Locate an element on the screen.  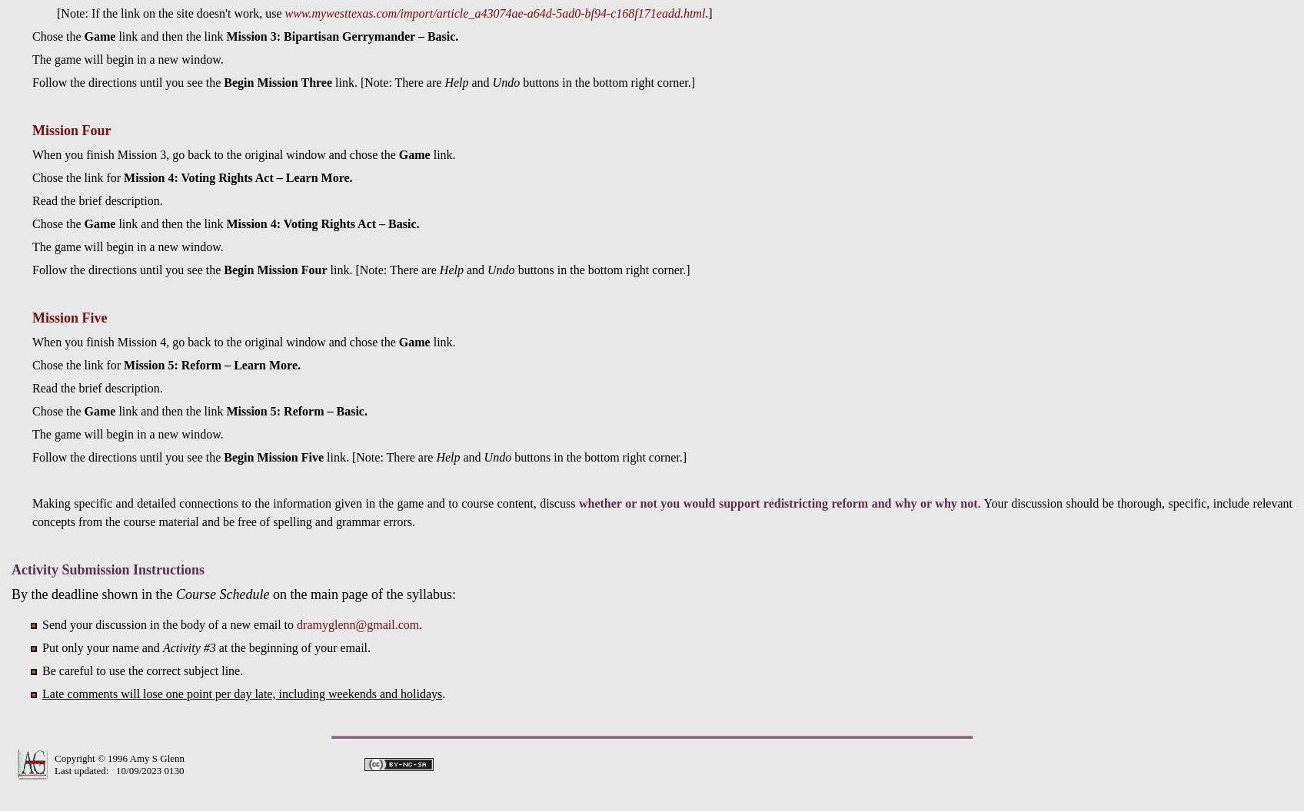
'Last updated:   10/09/2023 0130' is located at coordinates (118, 769).